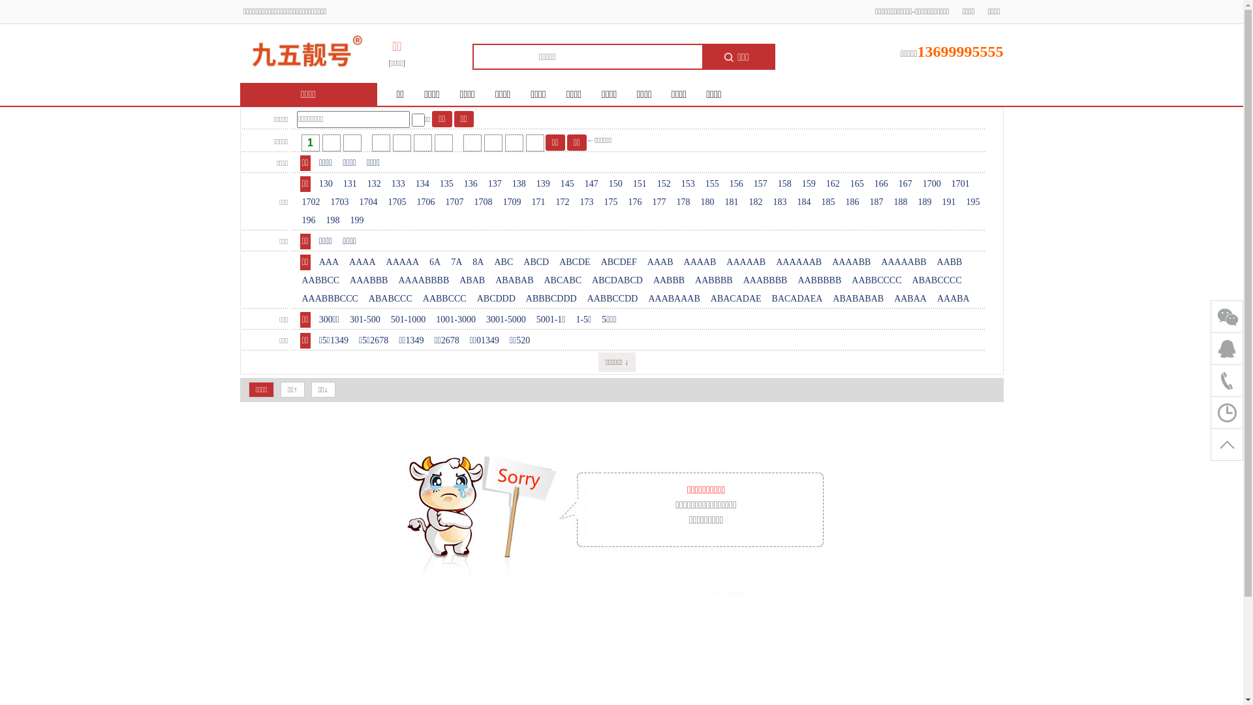  Describe the element at coordinates (340, 202) in the screenshot. I see `'1703'` at that location.